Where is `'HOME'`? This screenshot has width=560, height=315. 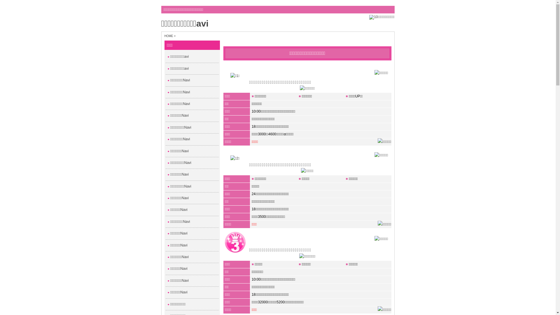
'HOME' is located at coordinates (169, 36).